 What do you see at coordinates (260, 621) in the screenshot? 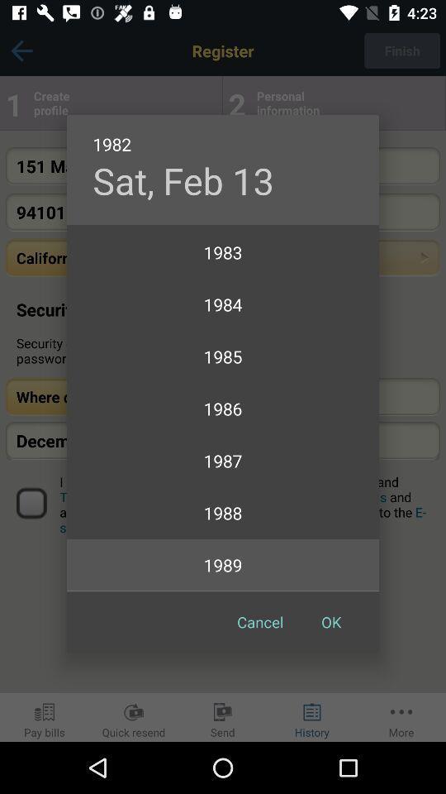
I see `item to the left of the ok button` at bounding box center [260, 621].